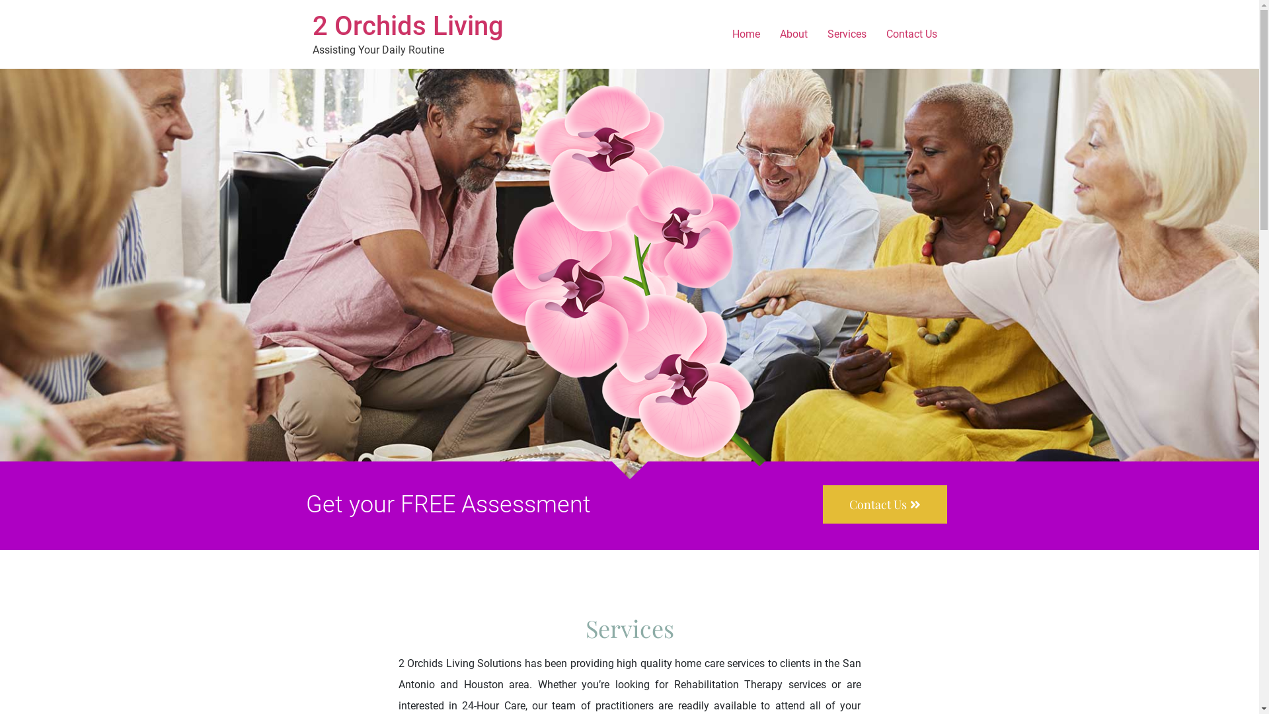 This screenshot has height=714, width=1269. What do you see at coordinates (884, 504) in the screenshot?
I see `'Contact Us'` at bounding box center [884, 504].